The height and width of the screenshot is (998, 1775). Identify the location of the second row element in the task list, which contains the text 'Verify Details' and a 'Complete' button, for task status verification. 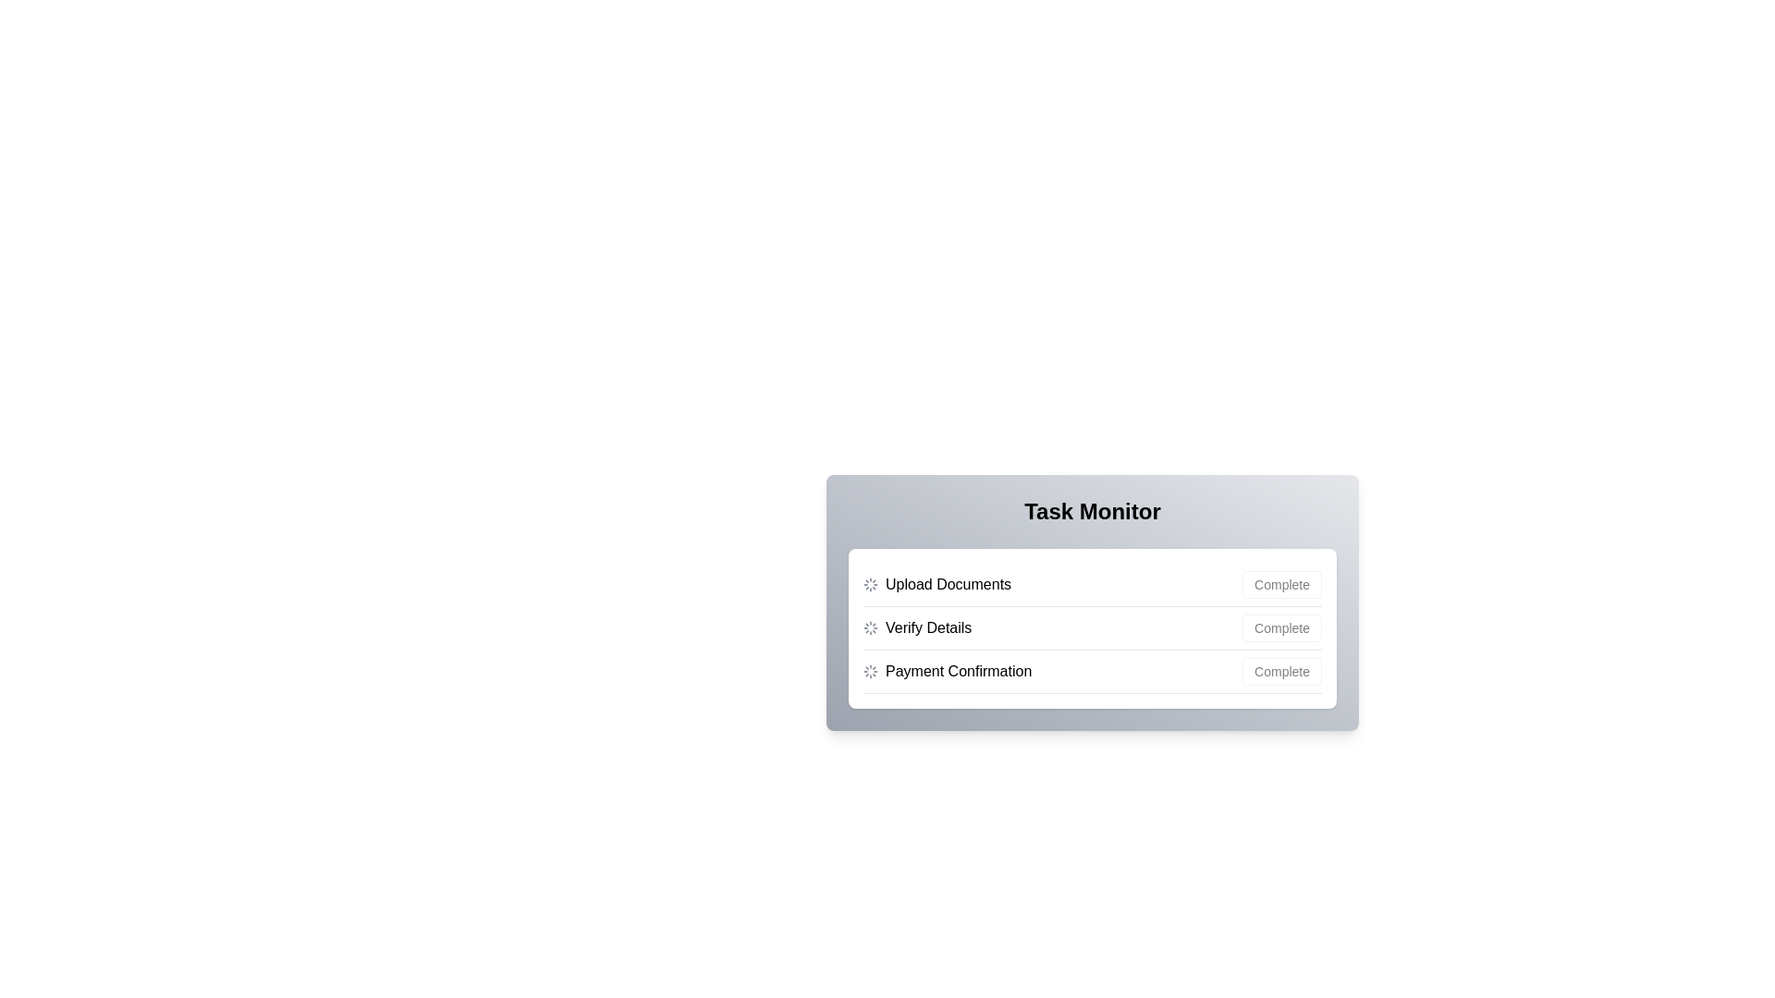
(1092, 627).